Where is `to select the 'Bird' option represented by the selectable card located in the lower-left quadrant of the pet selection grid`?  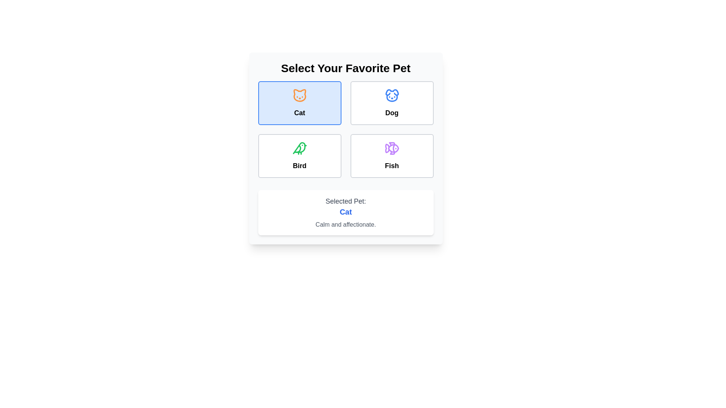 to select the 'Bird' option represented by the selectable card located in the lower-left quadrant of the pet selection grid is located at coordinates (299, 155).